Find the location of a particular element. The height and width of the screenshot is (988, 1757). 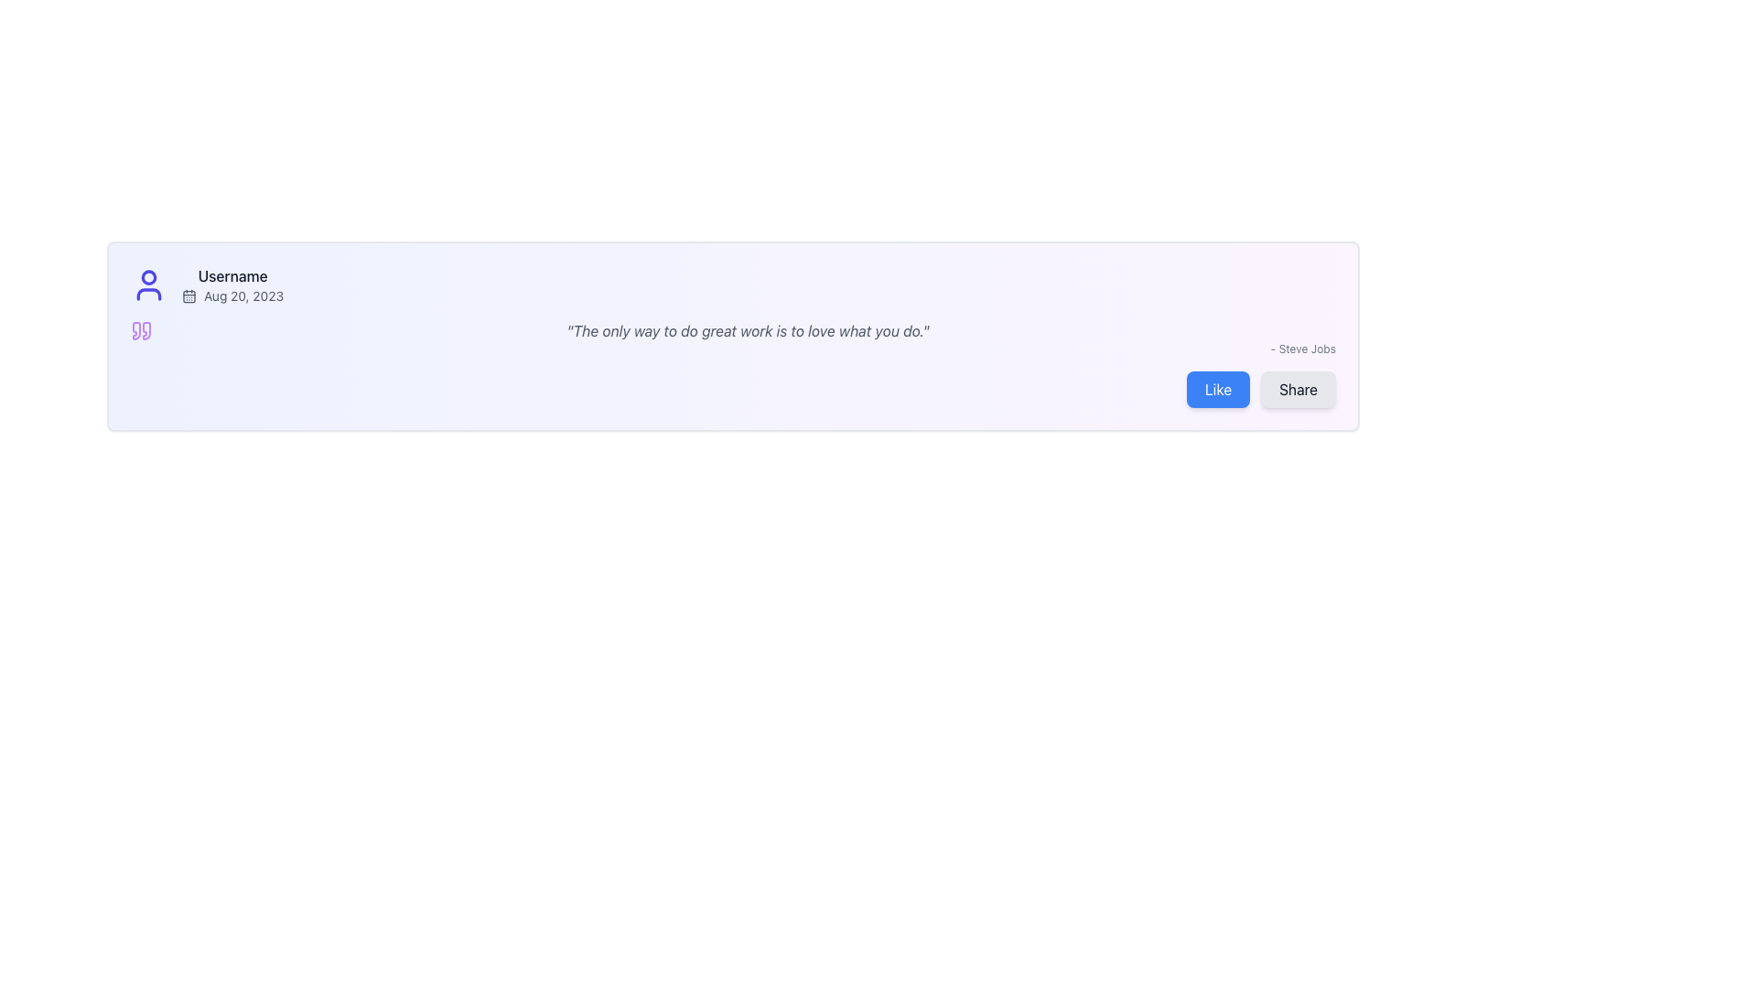

the small circular shape located in the head portion of the user's avatar icon is located at coordinates (149, 277).